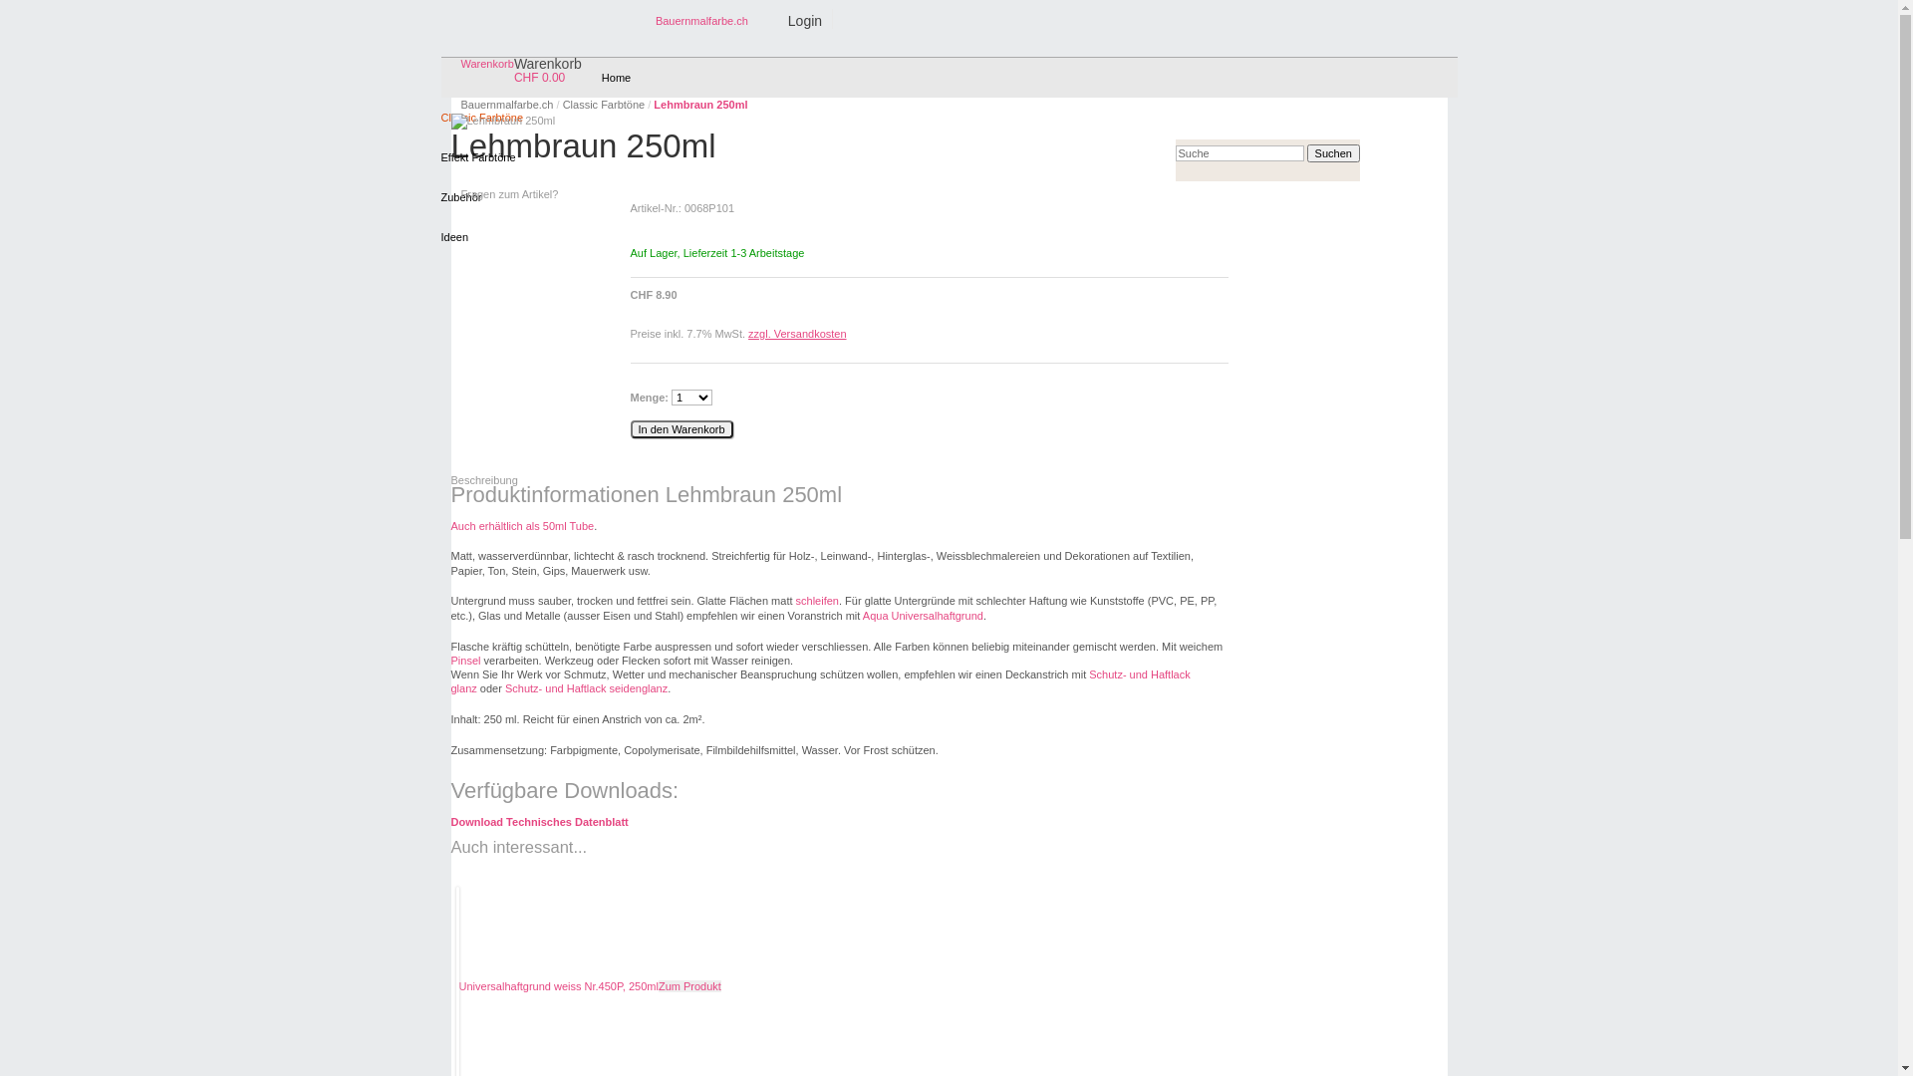  Describe the element at coordinates (505, 686) in the screenshot. I see `'Schutz- und Haftlack seidenglanz'` at that location.